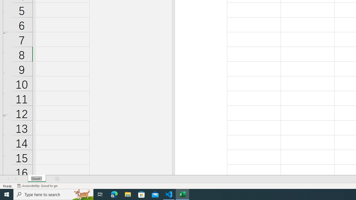  Describe the element at coordinates (8, 179) in the screenshot. I see `'Scroll Left'` at that location.